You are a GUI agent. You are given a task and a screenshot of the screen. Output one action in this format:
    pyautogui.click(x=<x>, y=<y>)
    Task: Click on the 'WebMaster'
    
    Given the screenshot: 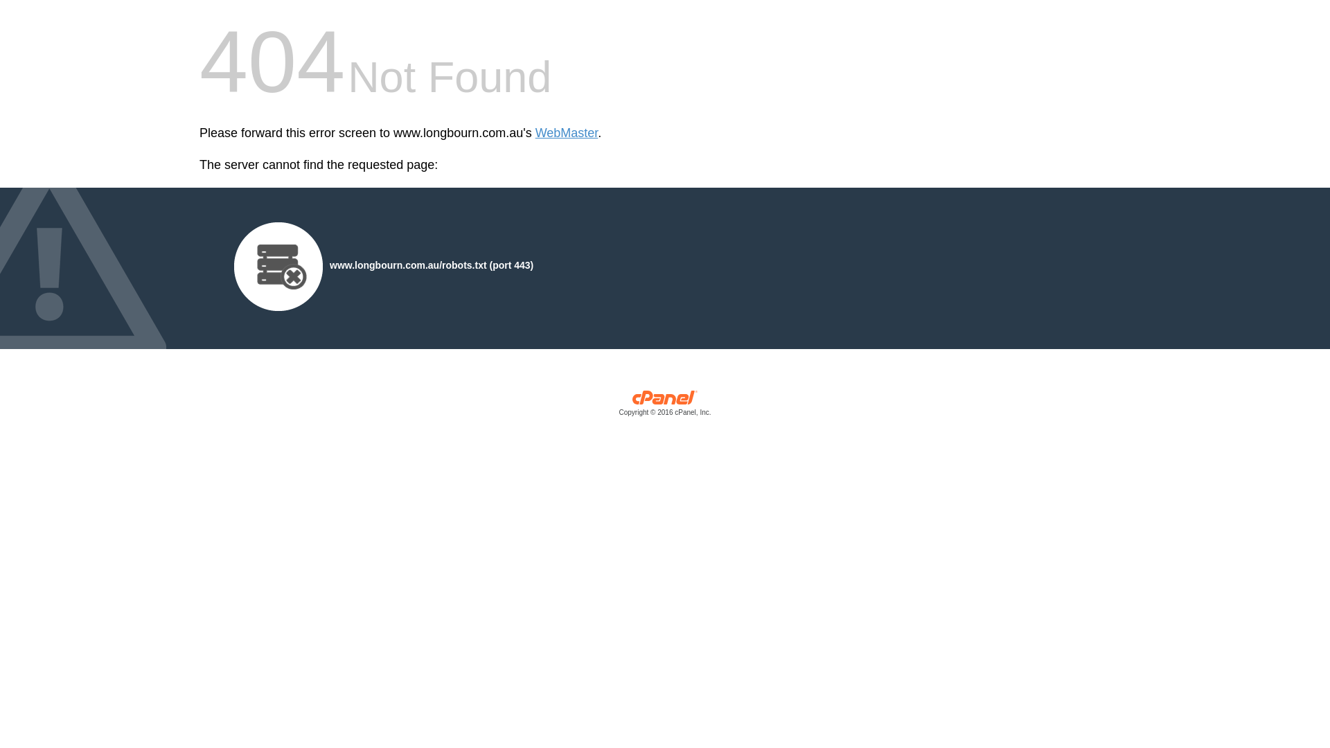 What is the action you would take?
    pyautogui.click(x=567, y=133)
    